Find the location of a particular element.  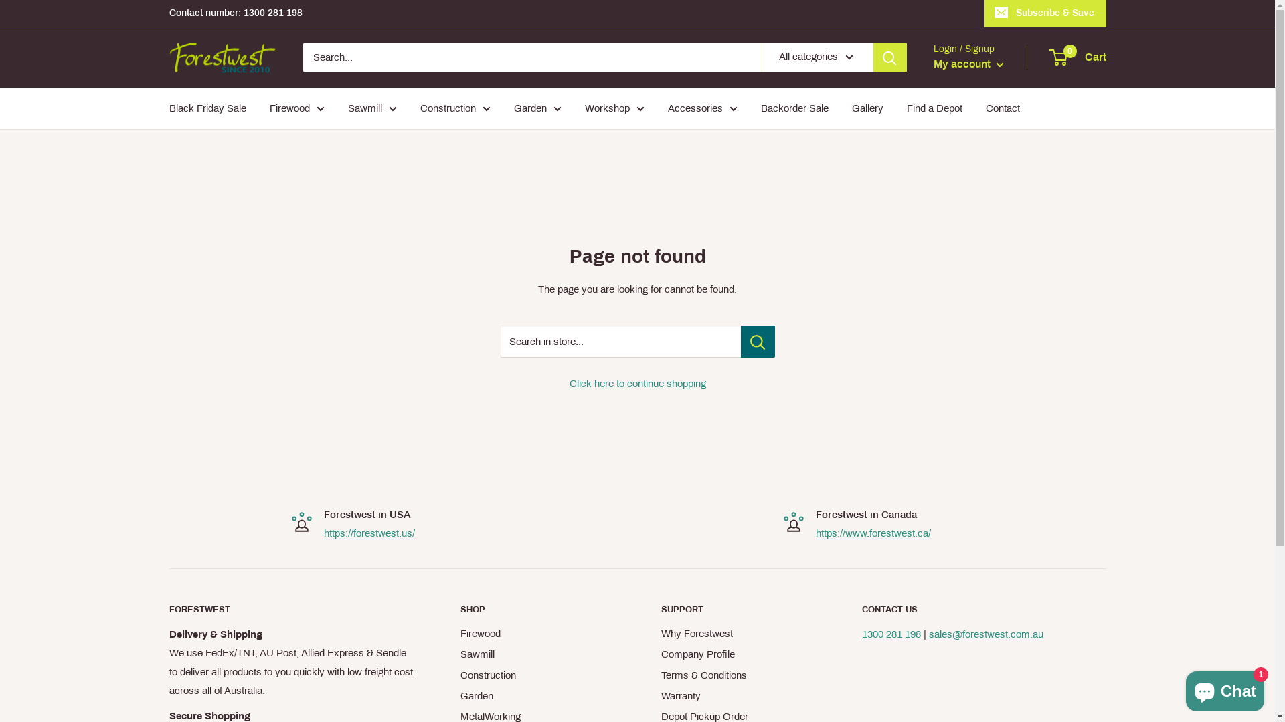

'Garden' is located at coordinates (537, 695).